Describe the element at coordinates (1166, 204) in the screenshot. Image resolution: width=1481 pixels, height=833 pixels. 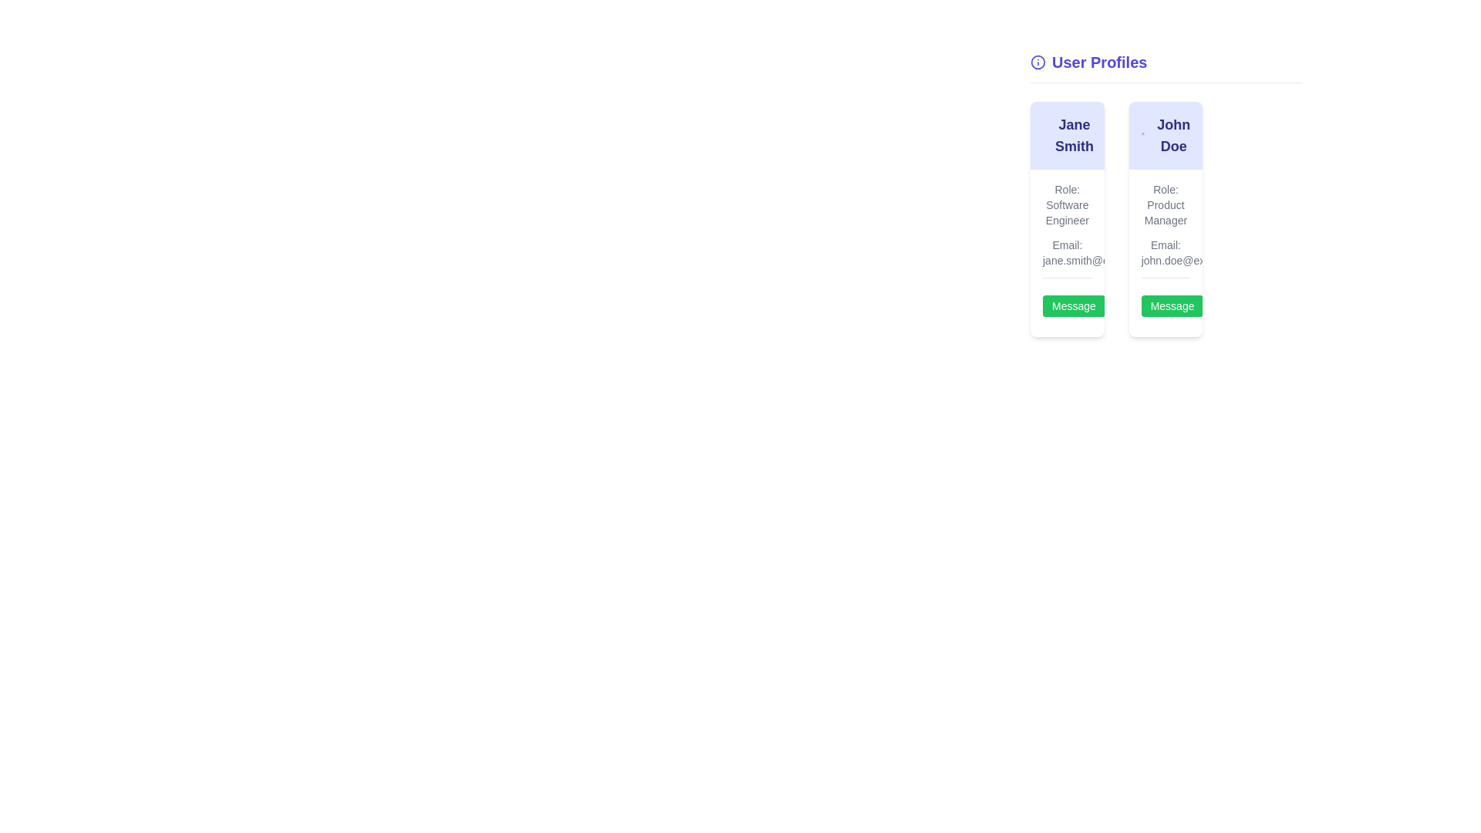
I see `the static text element displaying 'Role: Product Manager', which is styled with a smaller font size and gray color, located in the rightmost card under the 'User Profiles' section, directly below 'John Doe'` at that location.